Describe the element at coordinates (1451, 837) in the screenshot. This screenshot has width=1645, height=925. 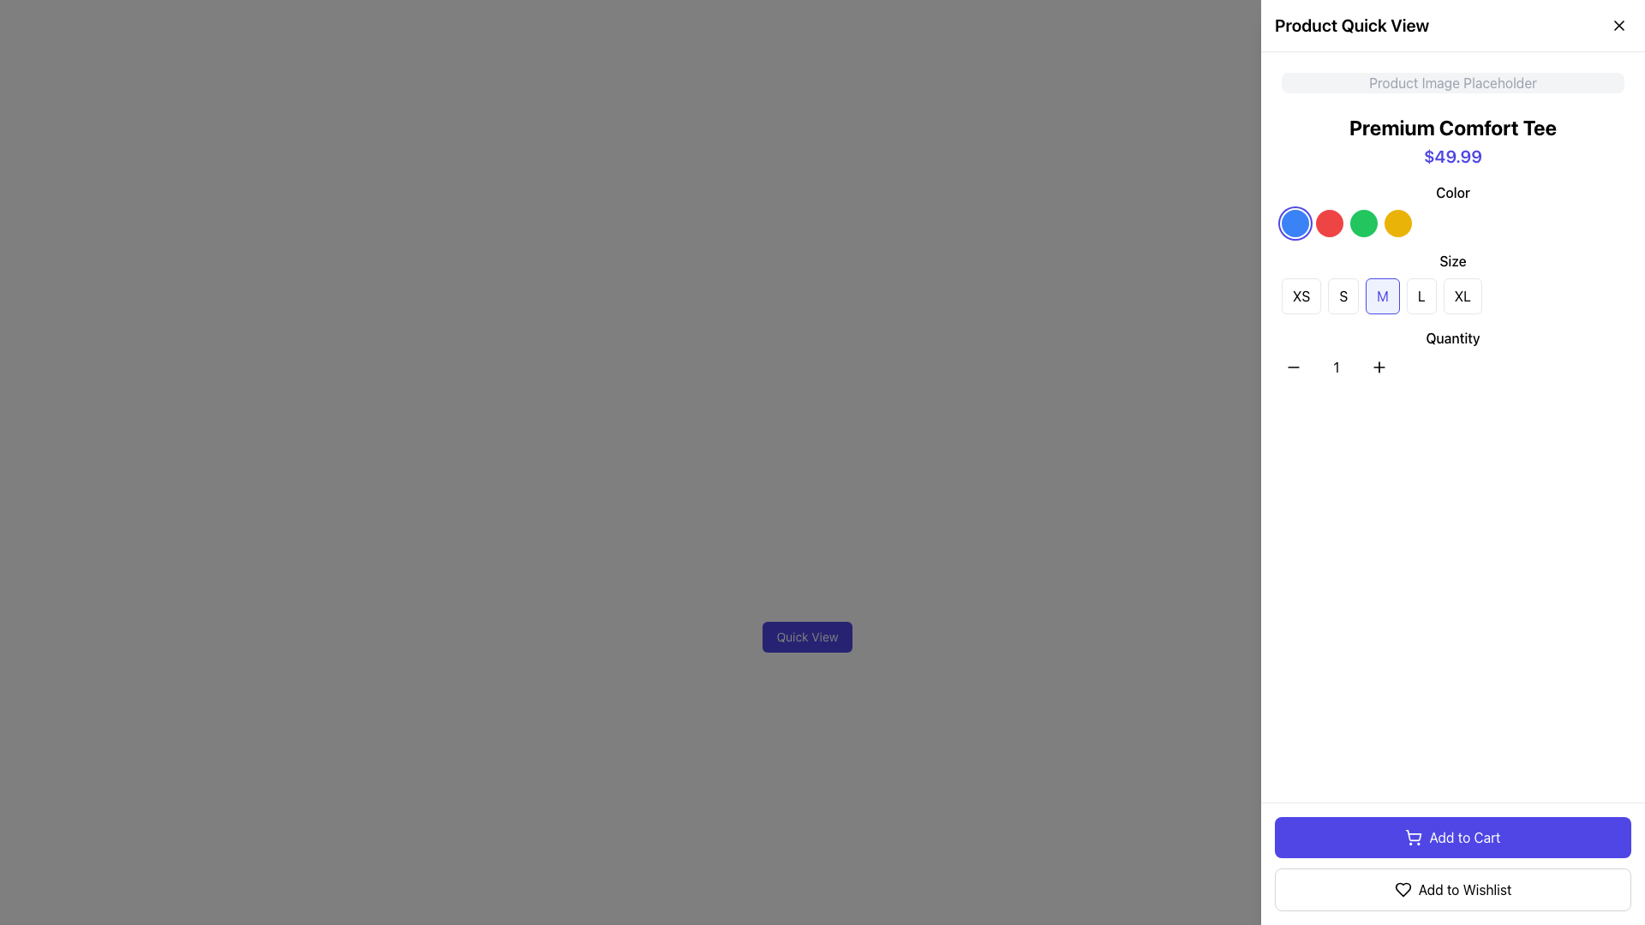
I see `the interactive button located at the bottom section of the modal interface` at that location.